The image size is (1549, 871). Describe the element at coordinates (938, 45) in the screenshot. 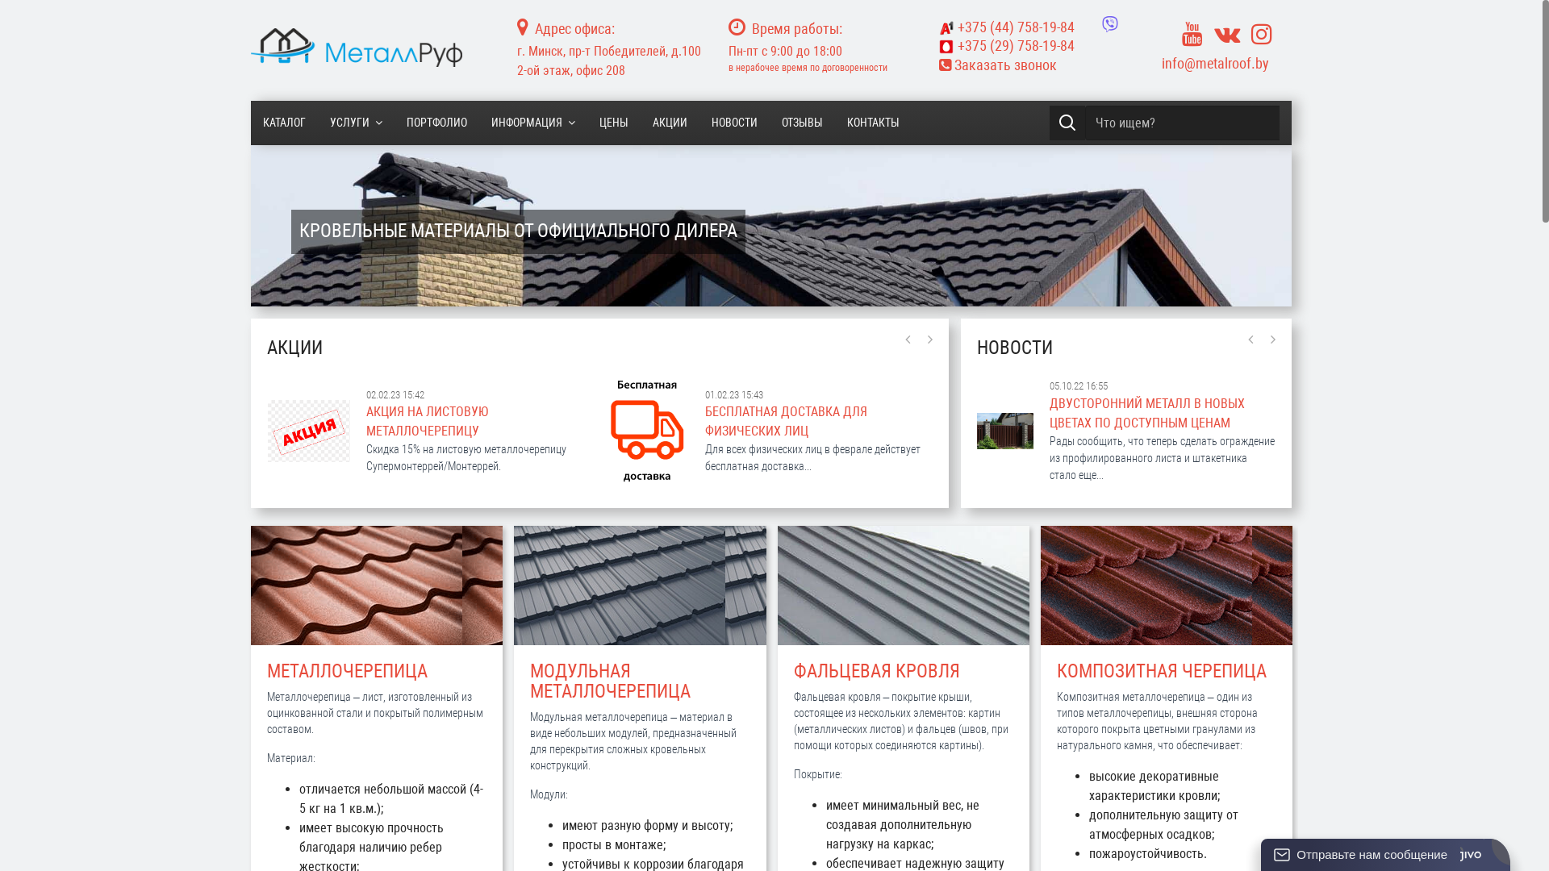

I see `'+375 (29) 758-19-84'` at that location.